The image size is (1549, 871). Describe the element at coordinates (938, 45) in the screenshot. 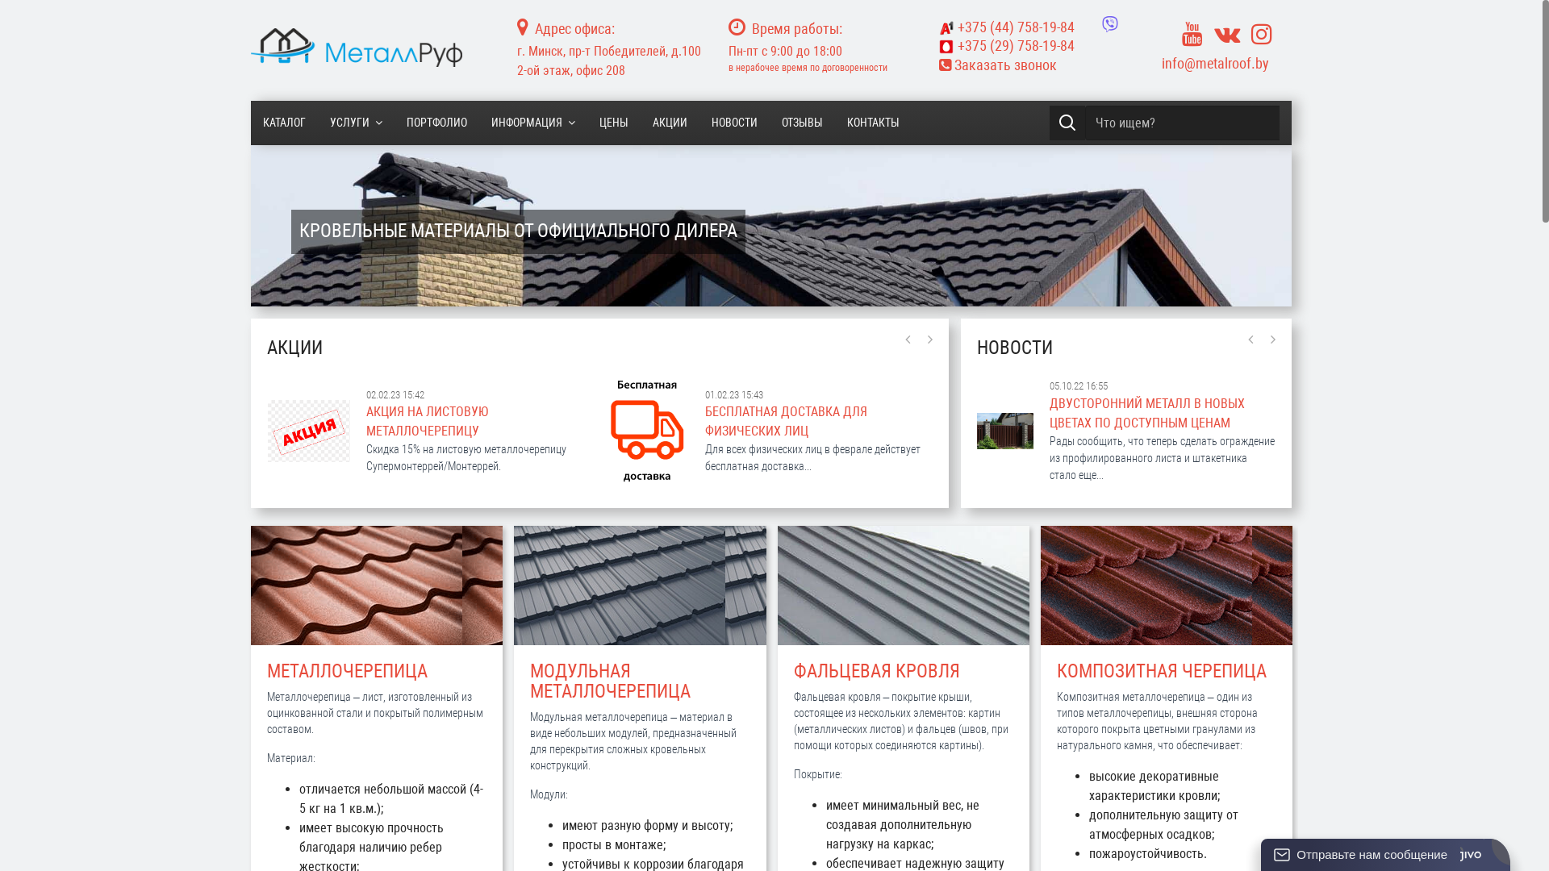

I see `'+375 (29) 758-19-84'` at that location.